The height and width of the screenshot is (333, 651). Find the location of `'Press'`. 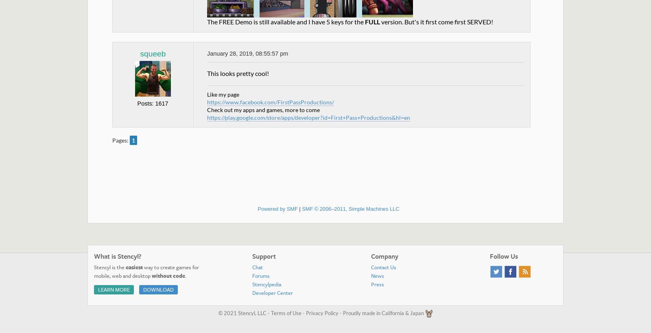

'Press' is located at coordinates (370, 283).